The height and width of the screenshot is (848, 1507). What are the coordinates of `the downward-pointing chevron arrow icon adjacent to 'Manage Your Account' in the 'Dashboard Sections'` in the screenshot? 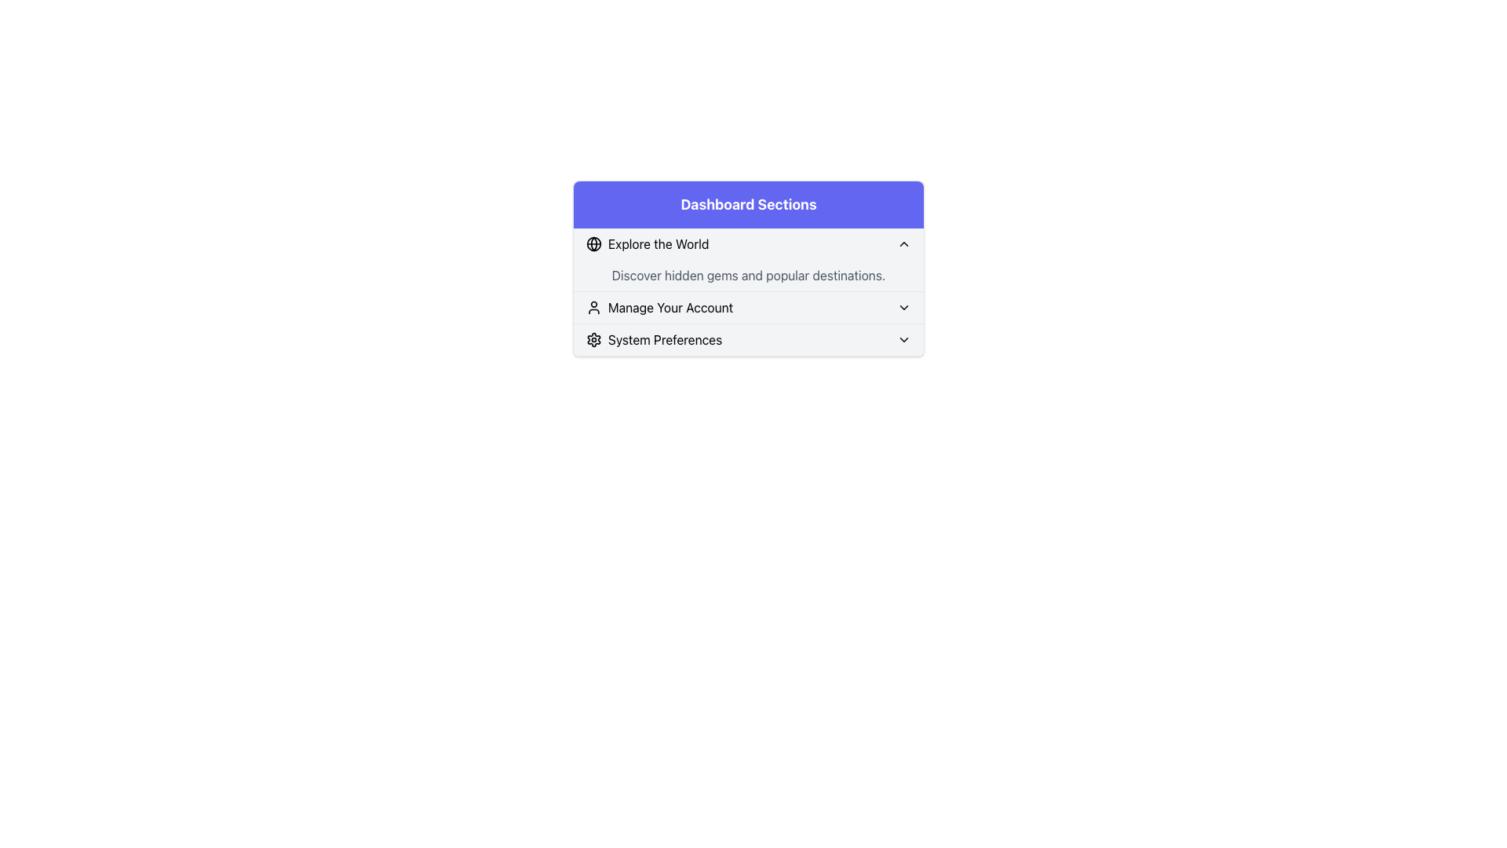 It's located at (904, 308).